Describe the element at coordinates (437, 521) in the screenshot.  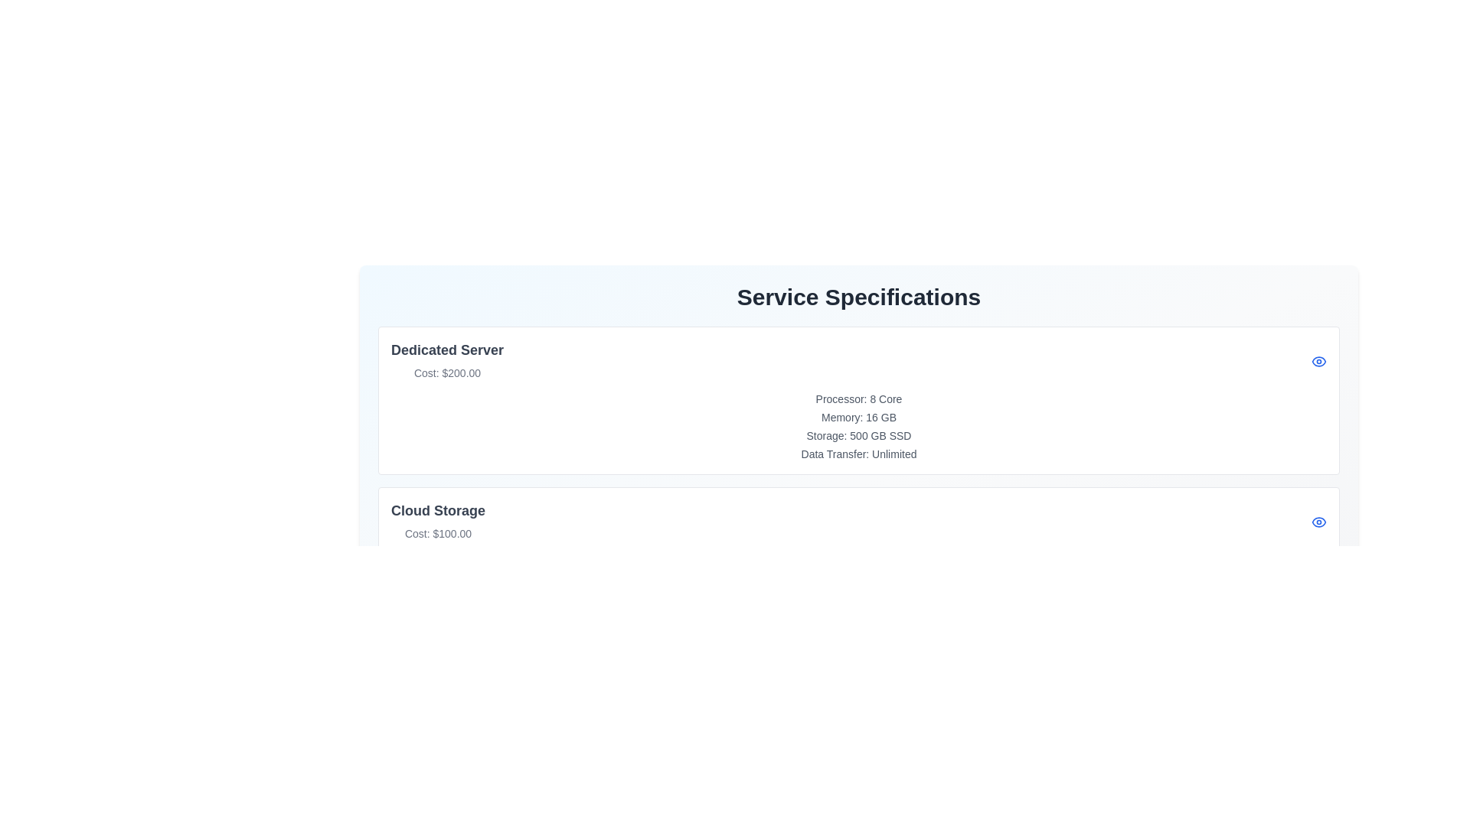
I see `the 'Cloud Storage' text block element, which displays 'Cloud Storage' in bold and 'Cost: $100.00' in gray, located below the 'Dedicated Server' section` at that location.